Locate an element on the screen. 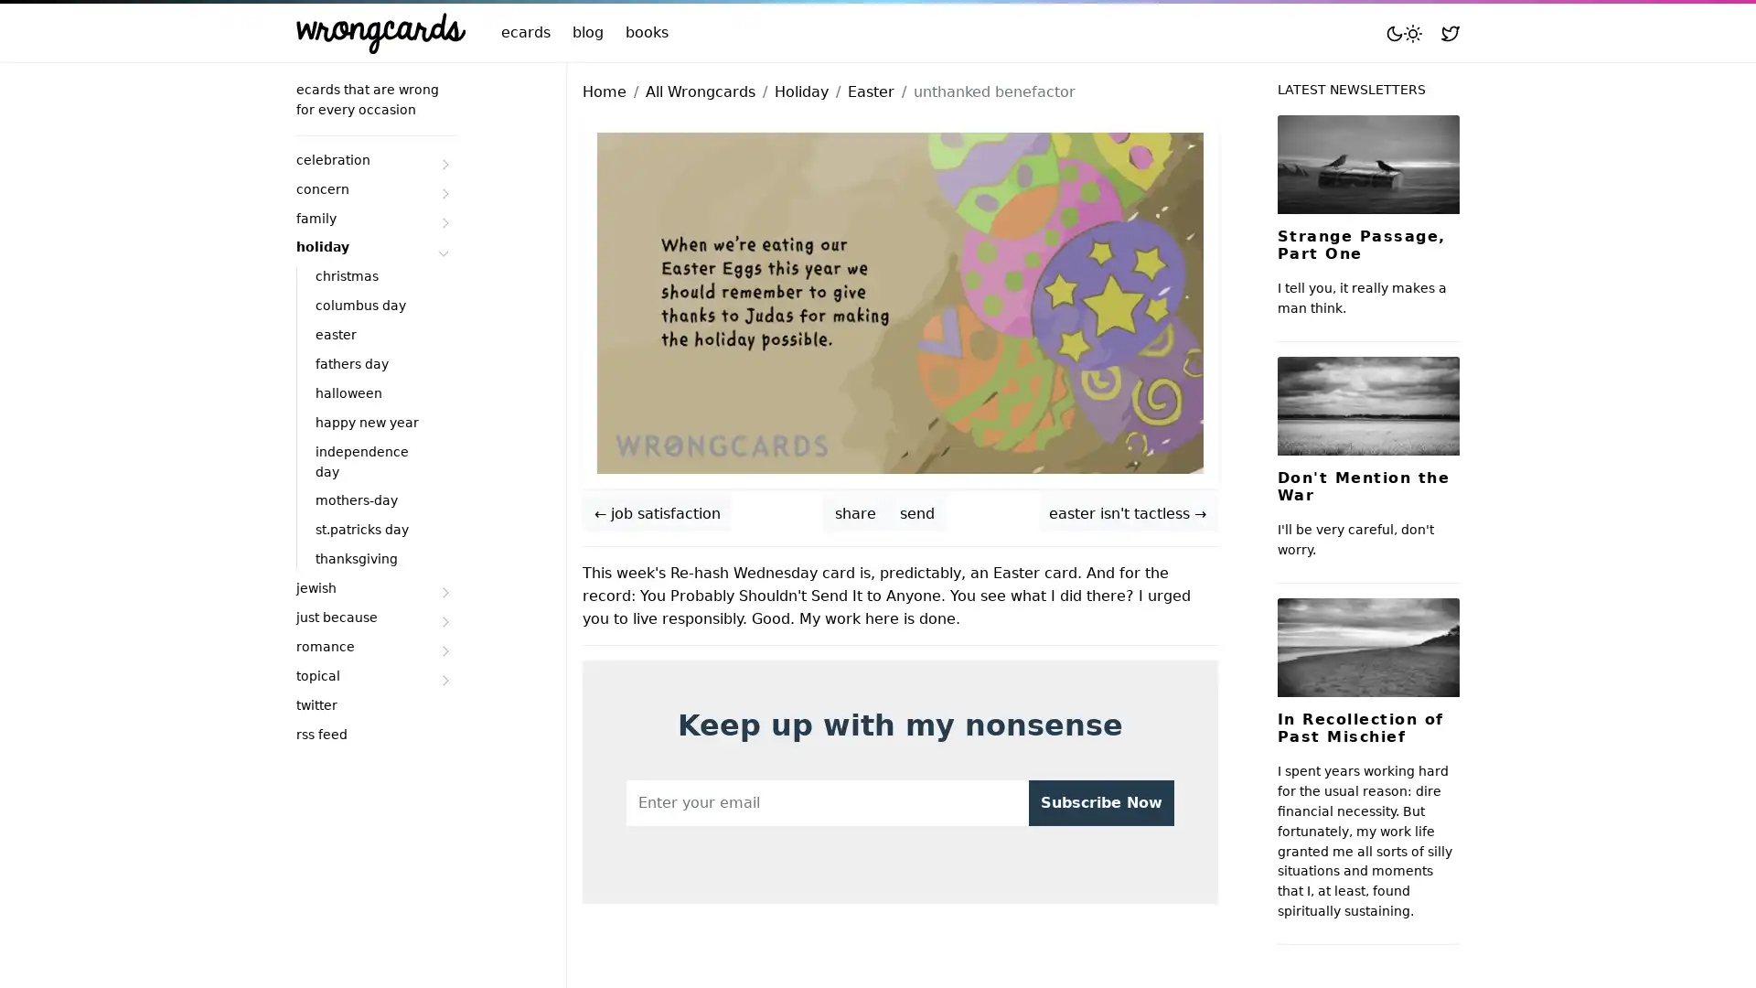  job satisfaction is located at coordinates (658, 513).